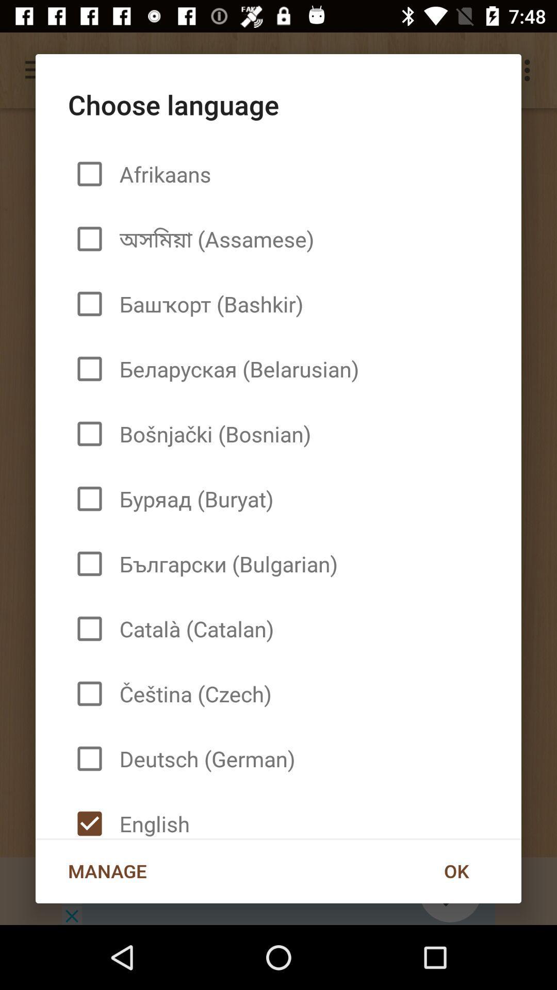 The image size is (557, 990). Describe the element at coordinates (107, 870) in the screenshot. I see `item to the left of ok item` at that location.